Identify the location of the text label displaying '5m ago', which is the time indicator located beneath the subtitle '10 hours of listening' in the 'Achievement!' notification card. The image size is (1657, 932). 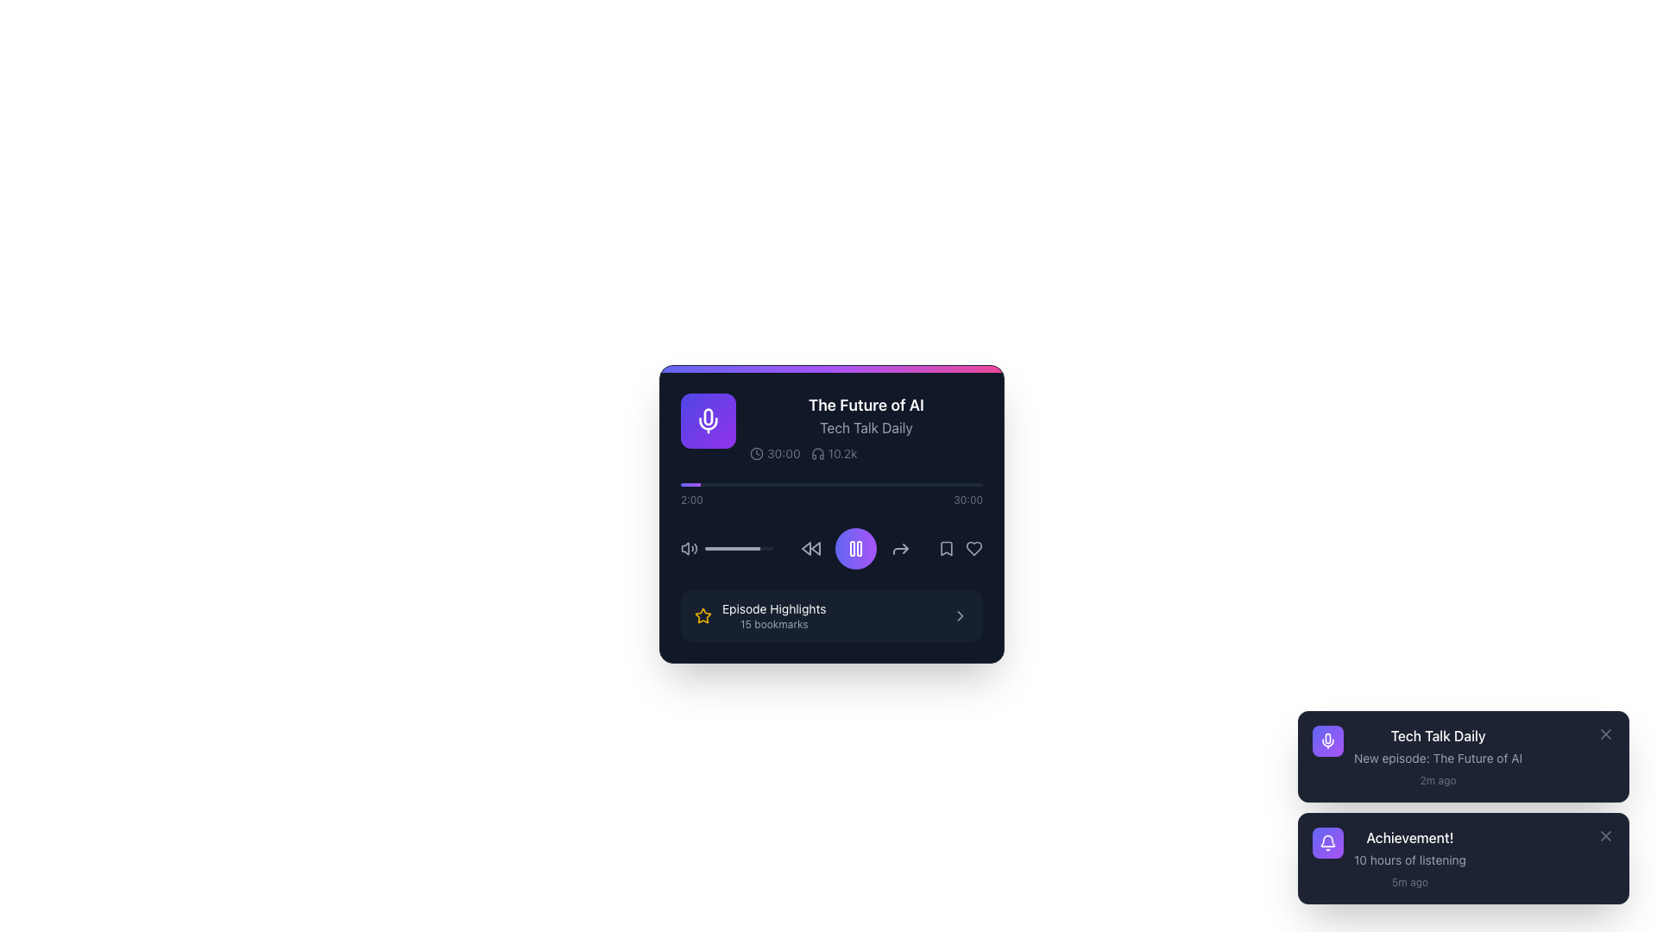
(1410, 882).